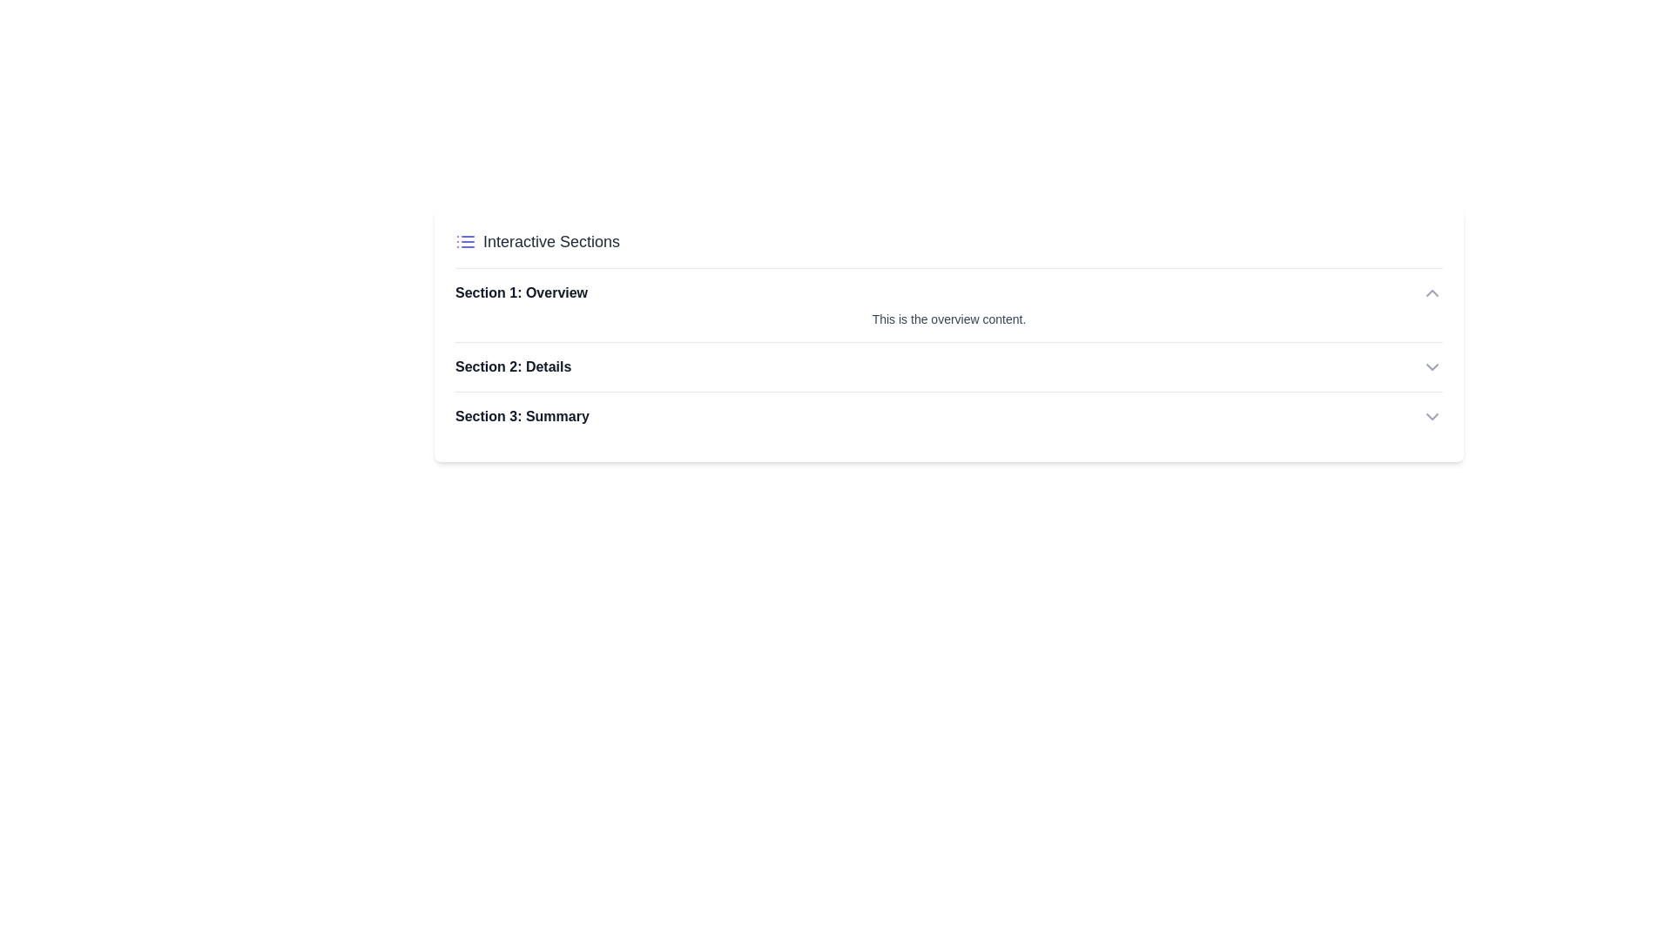 Image resolution: width=1672 pixels, height=940 pixels. Describe the element at coordinates (947, 319) in the screenshot. I see `content displayed in the Text display located within the 'Section 1: Overview' section, directly beneath the title text` at that location.